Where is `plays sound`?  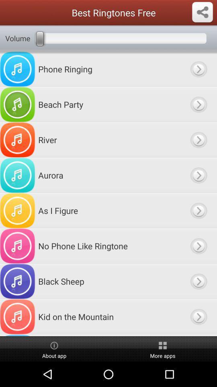 plays sound is located at coordinates (198, 175).